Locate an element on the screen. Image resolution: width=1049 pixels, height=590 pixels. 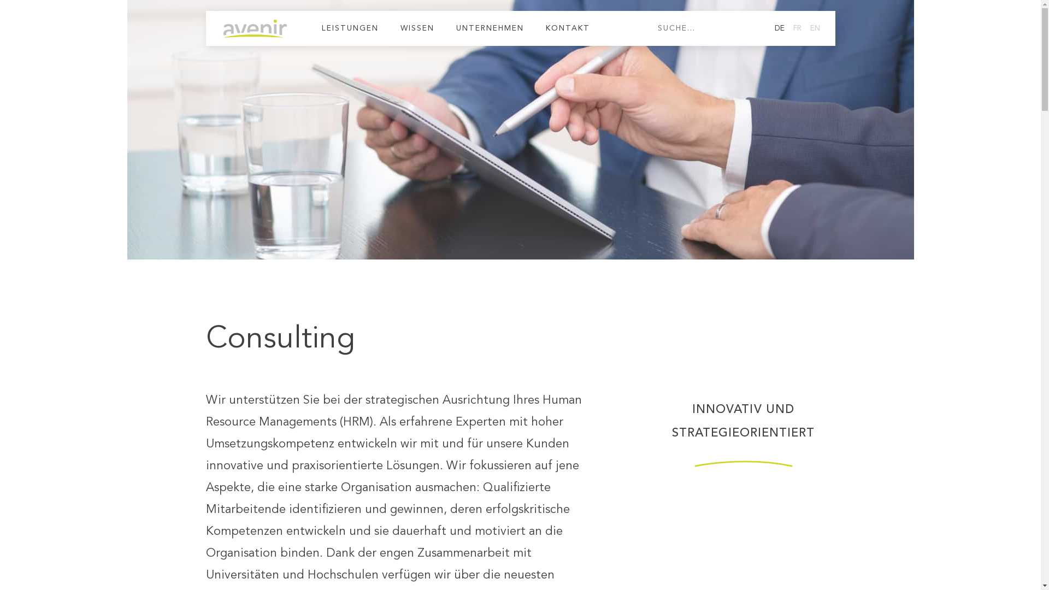
'UNTERNEHMEN' is located at coordinates (456, 27).